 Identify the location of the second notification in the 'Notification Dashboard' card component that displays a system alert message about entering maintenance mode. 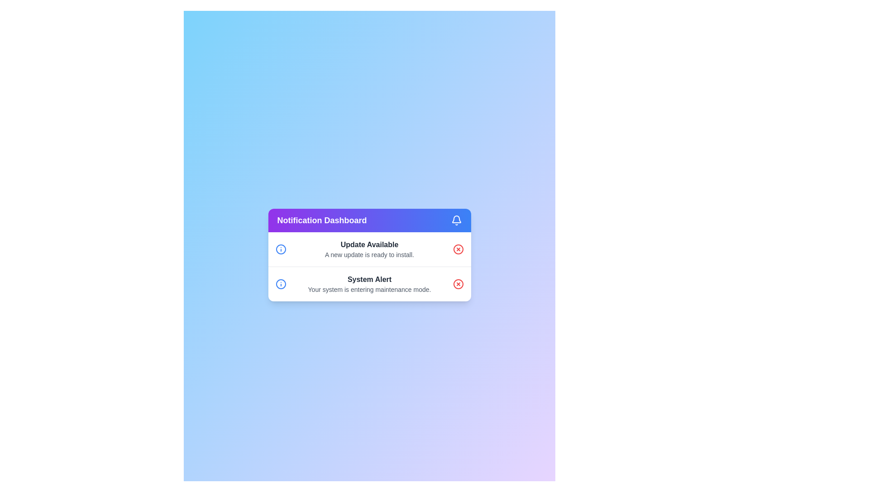
(369, 283).